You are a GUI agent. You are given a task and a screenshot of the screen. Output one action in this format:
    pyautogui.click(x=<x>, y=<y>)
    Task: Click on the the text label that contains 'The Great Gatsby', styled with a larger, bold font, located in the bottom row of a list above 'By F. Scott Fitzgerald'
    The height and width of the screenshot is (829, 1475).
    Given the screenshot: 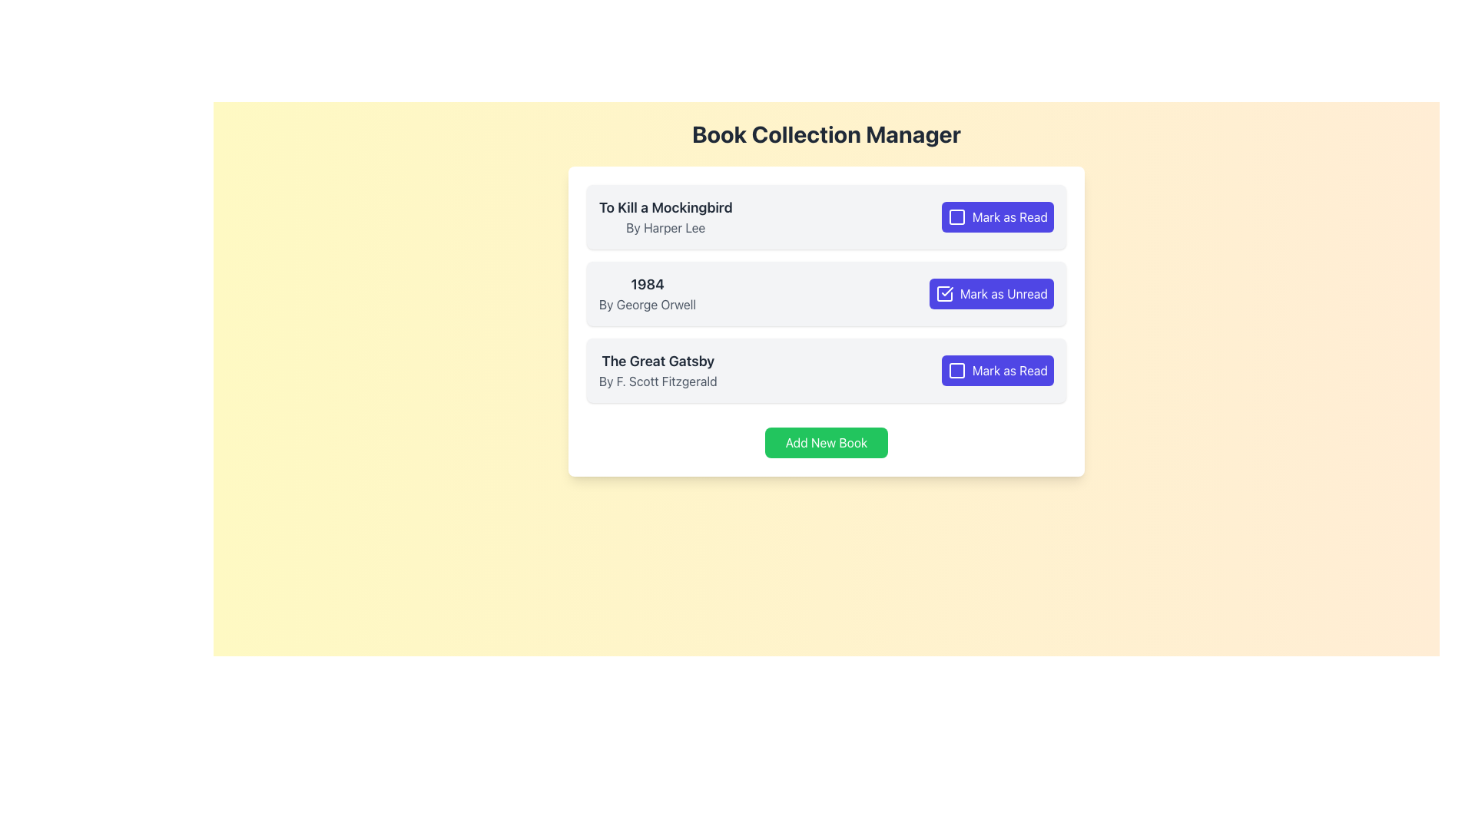 What is the action you would take?
    pyautogui.click(x=658, y=361)
    